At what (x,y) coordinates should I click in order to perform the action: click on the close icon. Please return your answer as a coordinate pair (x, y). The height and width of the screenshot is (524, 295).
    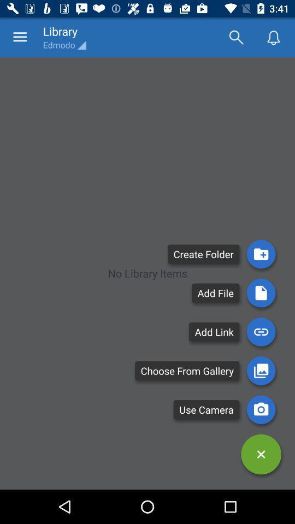
    Looking at the image, I should click on (261, 454).